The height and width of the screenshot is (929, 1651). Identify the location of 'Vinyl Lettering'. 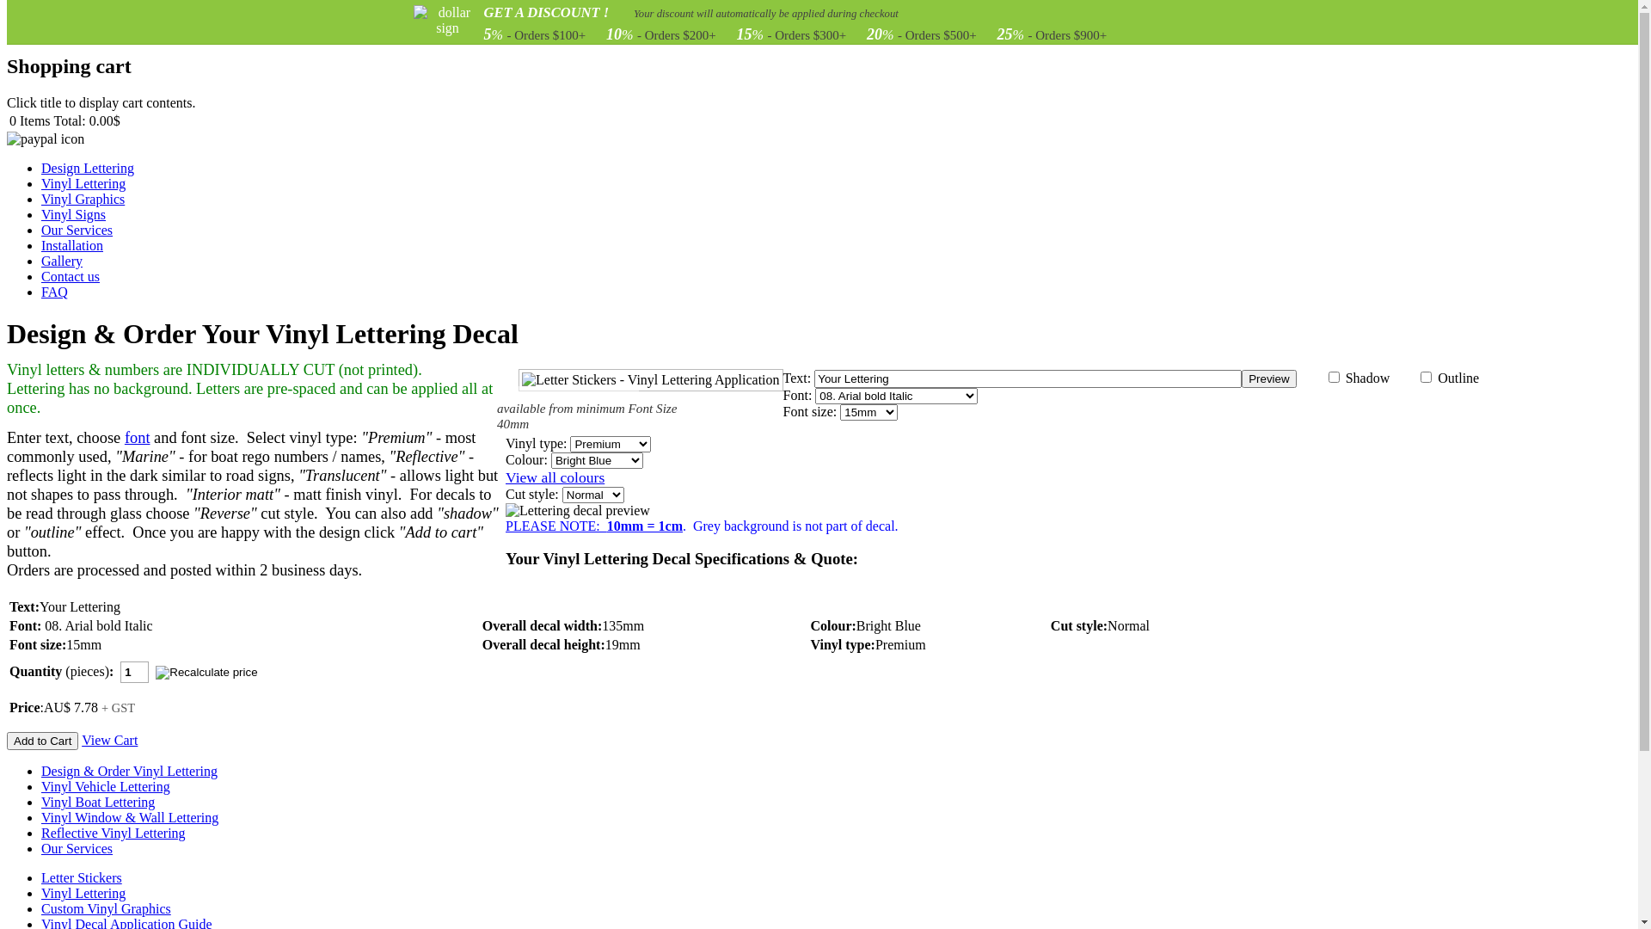
(82, 183).